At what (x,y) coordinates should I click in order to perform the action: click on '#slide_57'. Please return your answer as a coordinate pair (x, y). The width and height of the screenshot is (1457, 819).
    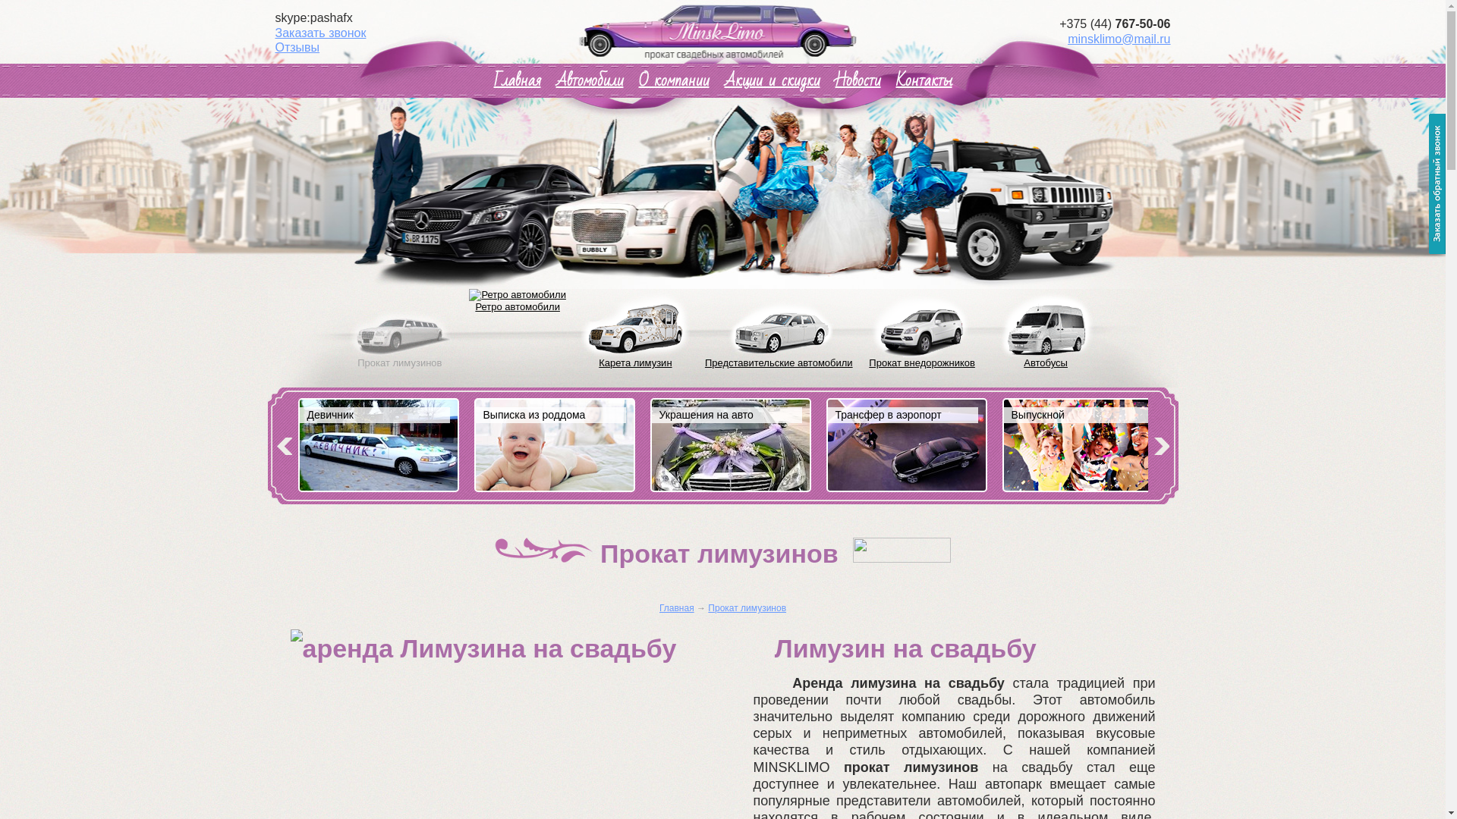
    Looking at the image, I should click on (906, 446).